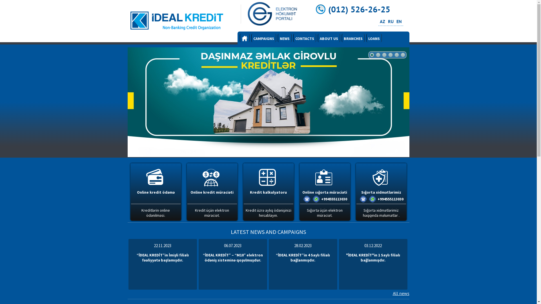 Image resolution: width=541 pixels, height=304 pixels. I want to click on 'EN', so click(398, 21).